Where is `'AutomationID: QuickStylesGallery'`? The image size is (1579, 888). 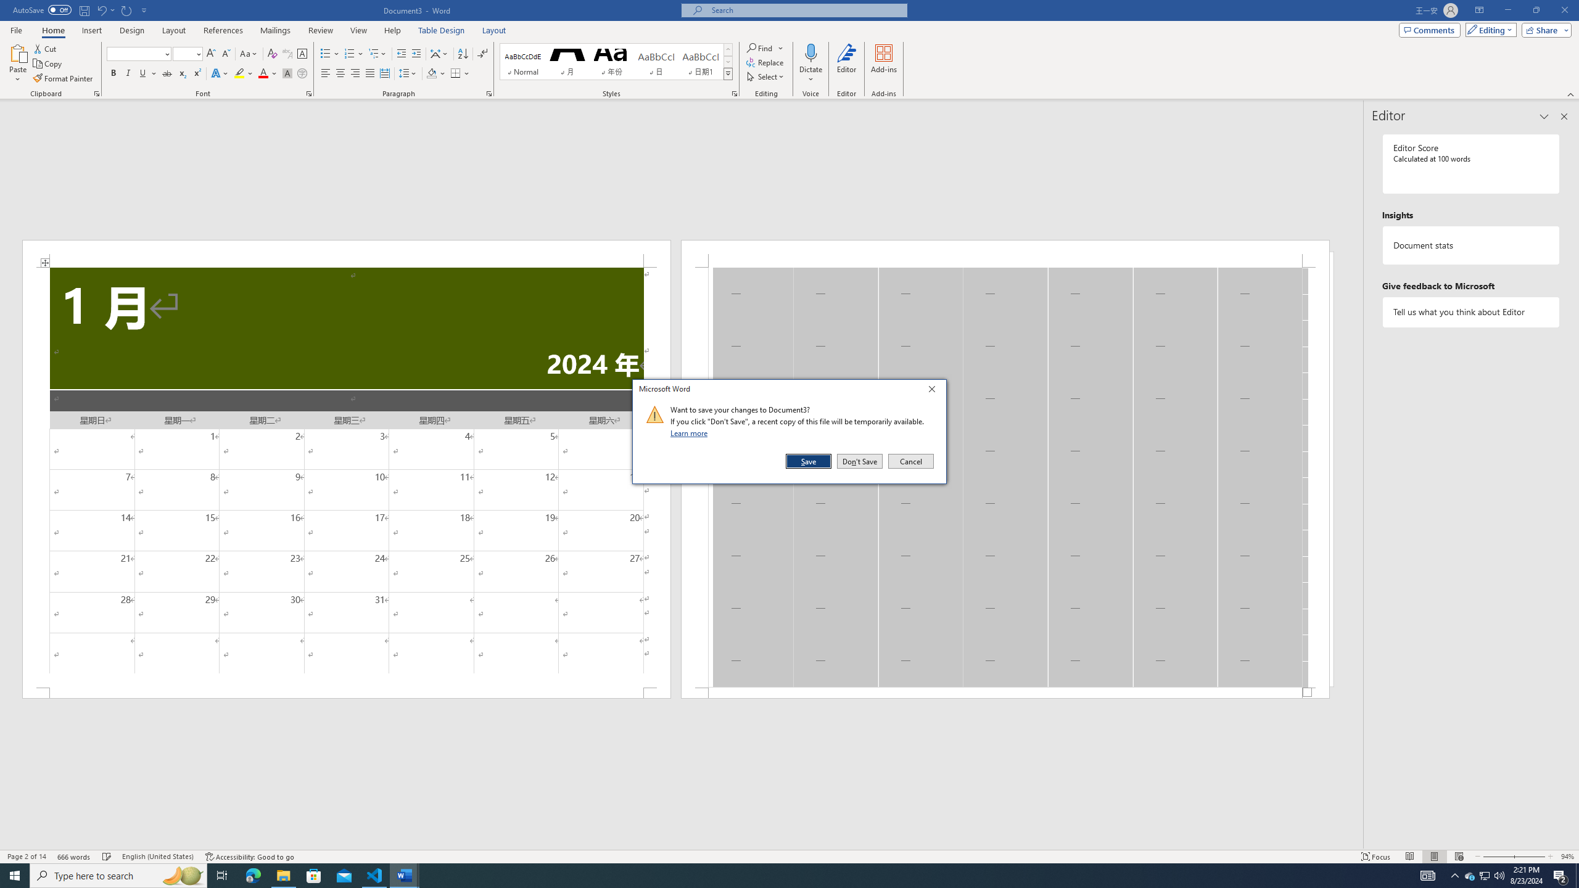 'AutomationID: QuickStylesGallery' is located at coordinates (616, 61).